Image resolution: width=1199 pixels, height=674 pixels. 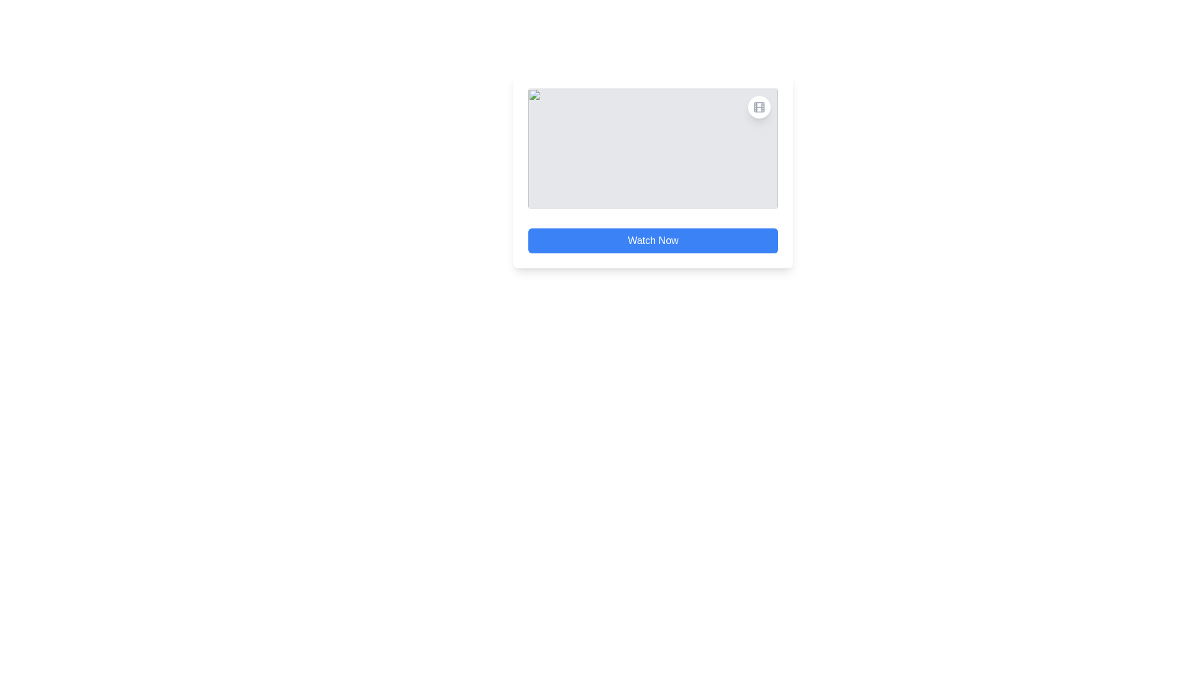 What do you see at coordinates (758, 107) in the screenshot?
I see `the circular button with a white background and a film reel icon located at the top-right corner of the gray rectangular card` at bounding box center [758, 107].